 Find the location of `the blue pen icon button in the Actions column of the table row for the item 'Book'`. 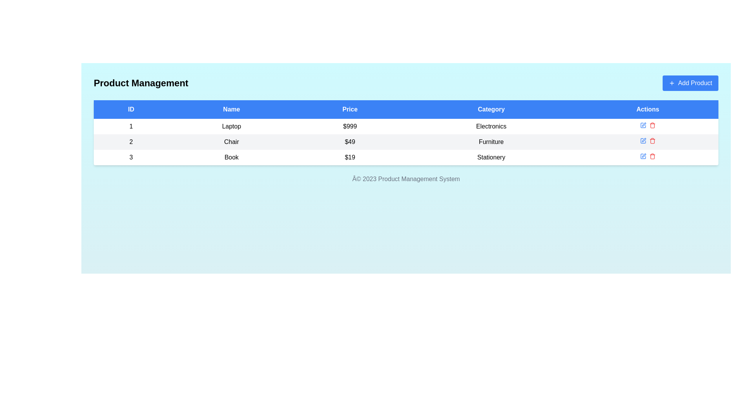

the blue pen icon button in the Actions column of the table row for the item 'Book' is located at coordinates (643, 156).